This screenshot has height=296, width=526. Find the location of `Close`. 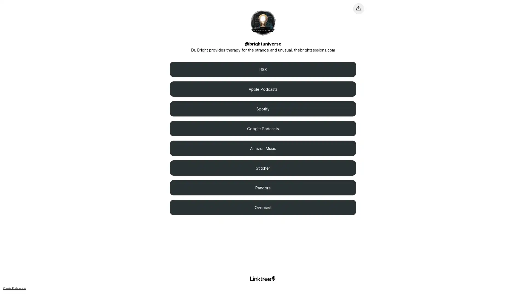

Close is located at coordinates (517, 283).